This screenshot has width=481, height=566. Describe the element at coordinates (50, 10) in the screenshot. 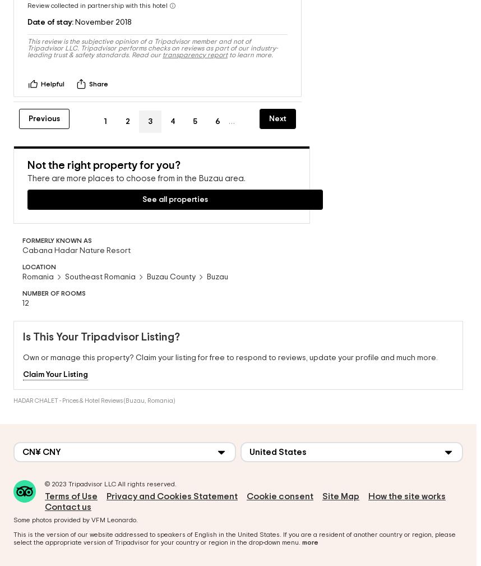

I see `'Date of stay:'` at that location.